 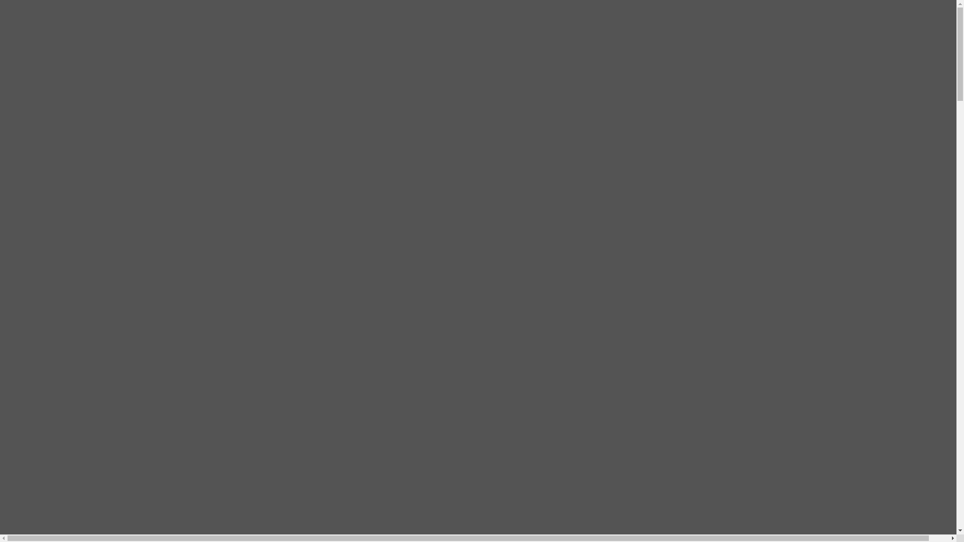 What do you see at coordinates (66, 25) in the screenshot?
I see `'File-Transfer'` at bounding box center [66, 25].